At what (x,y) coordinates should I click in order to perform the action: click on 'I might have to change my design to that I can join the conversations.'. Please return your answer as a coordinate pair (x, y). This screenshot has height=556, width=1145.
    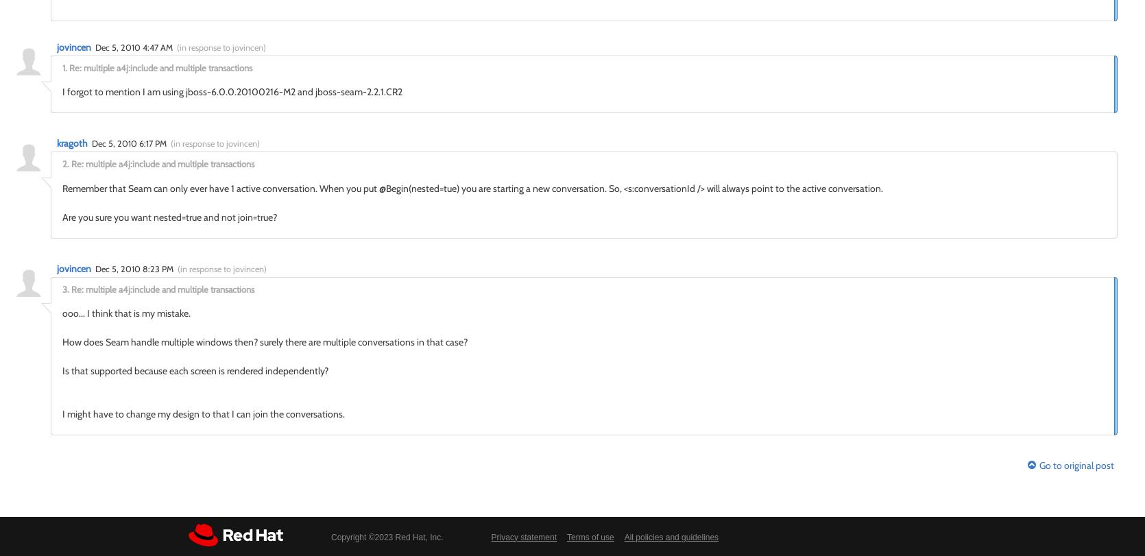
    Looking at the image, I should click on (202, 413).